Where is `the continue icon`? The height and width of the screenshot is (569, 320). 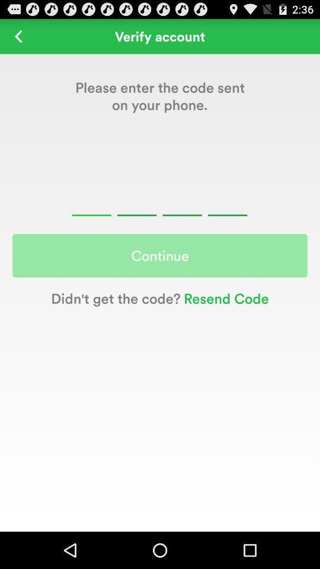 the continue icon is located at coordinates (160, 255).